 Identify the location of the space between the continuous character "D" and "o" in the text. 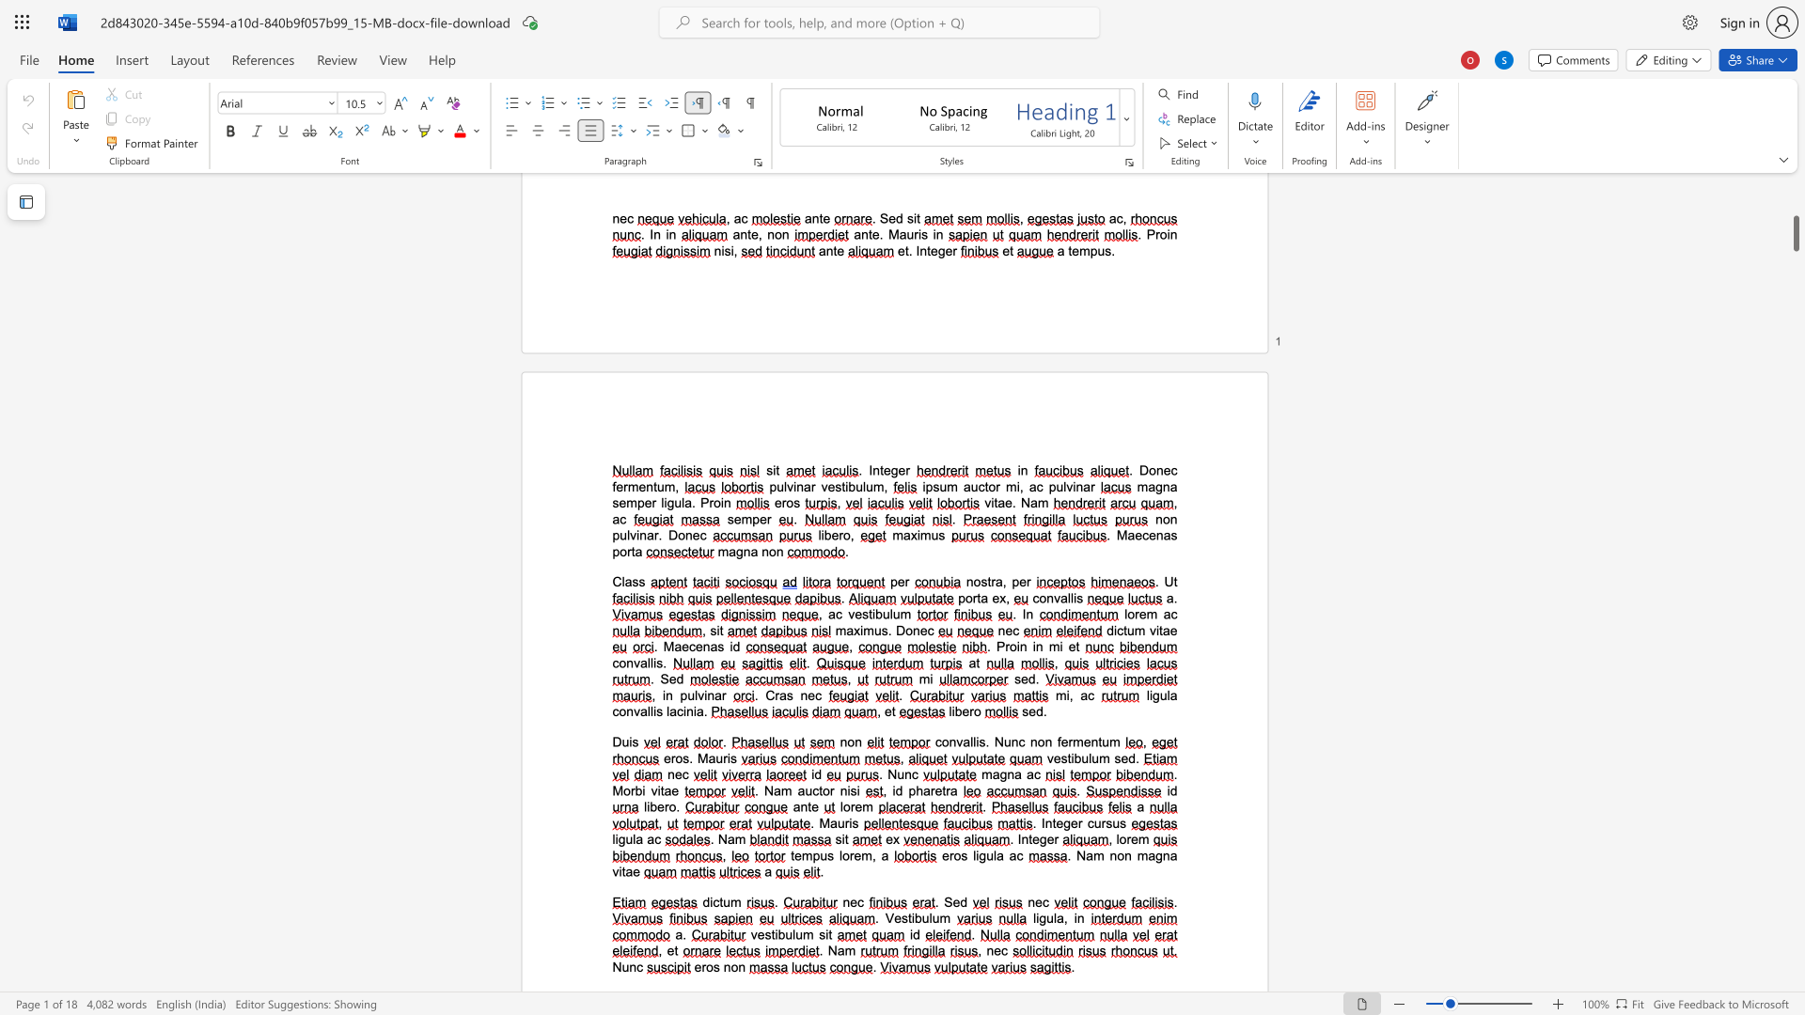
(677, 535).